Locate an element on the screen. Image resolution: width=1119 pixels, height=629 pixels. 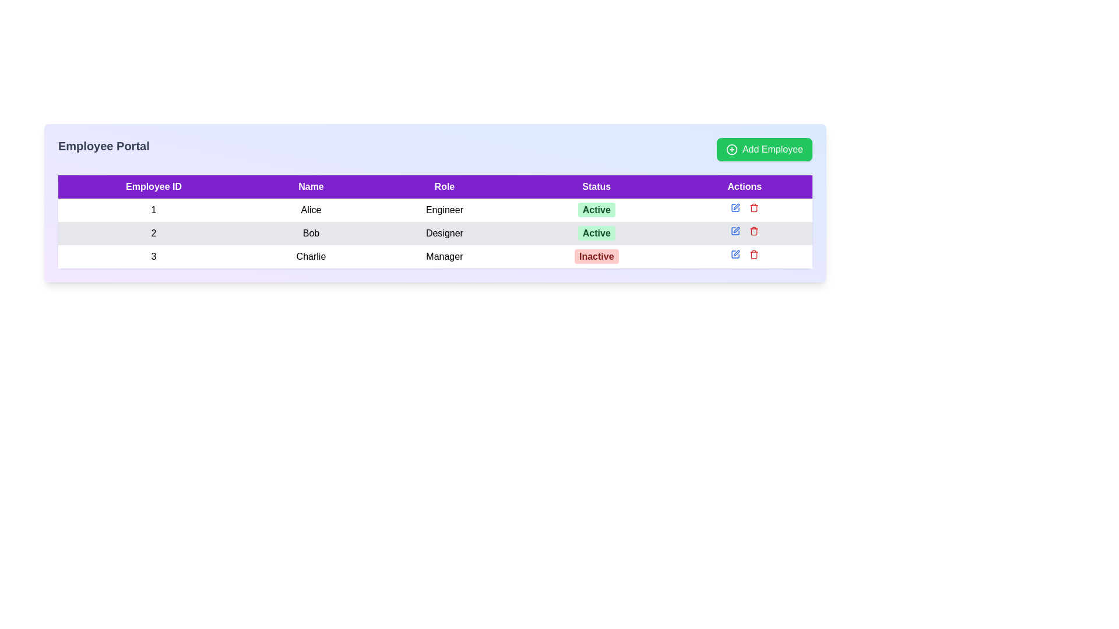
the 'Manager' text label located in the 'Role' column of the table for the entry 'Charlie', which is centered within its cell is located at coordinates (444, 256).